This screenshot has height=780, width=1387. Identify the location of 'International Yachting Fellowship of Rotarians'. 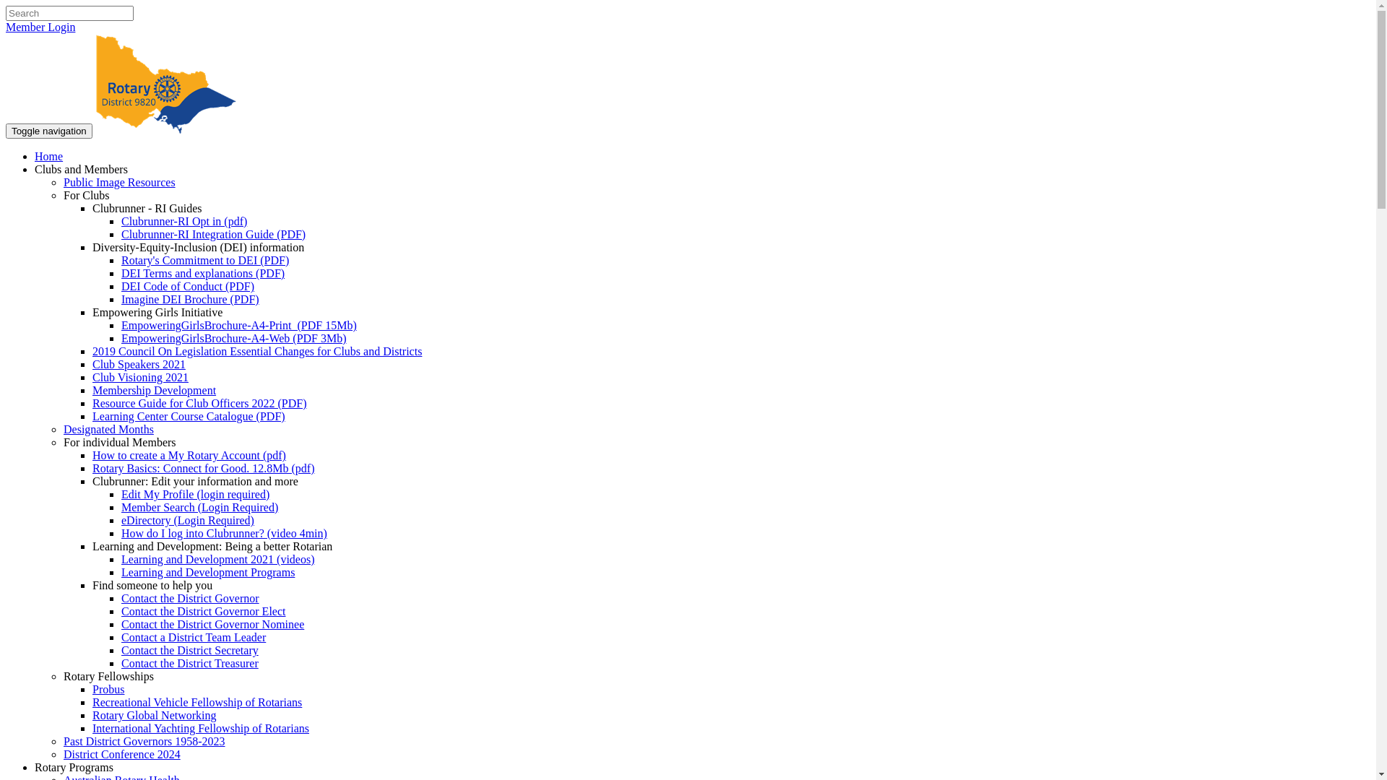
(200, 728).